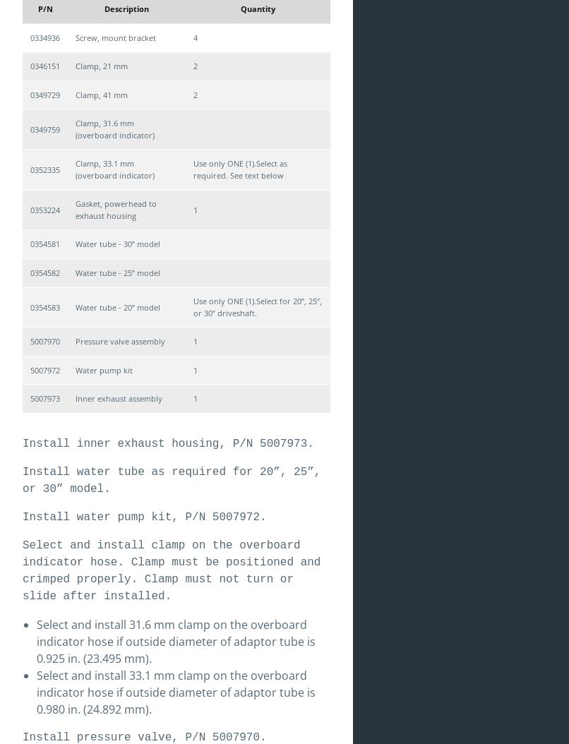  Describe the element at coordinates (140, 442) in the screenshot. I see `'Install inner exhaust housing, P/N'` at that location.